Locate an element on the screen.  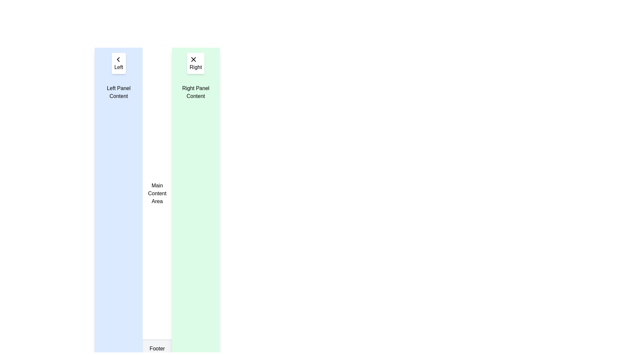
the navigation button located is located at coordinates (119, 63).